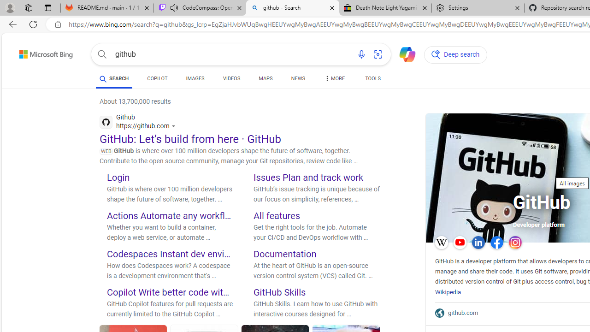  What do you see at coordinates (40, 53) in the screenshot?
I see `'Back to Bing search'` at bounding box center [40, 53].